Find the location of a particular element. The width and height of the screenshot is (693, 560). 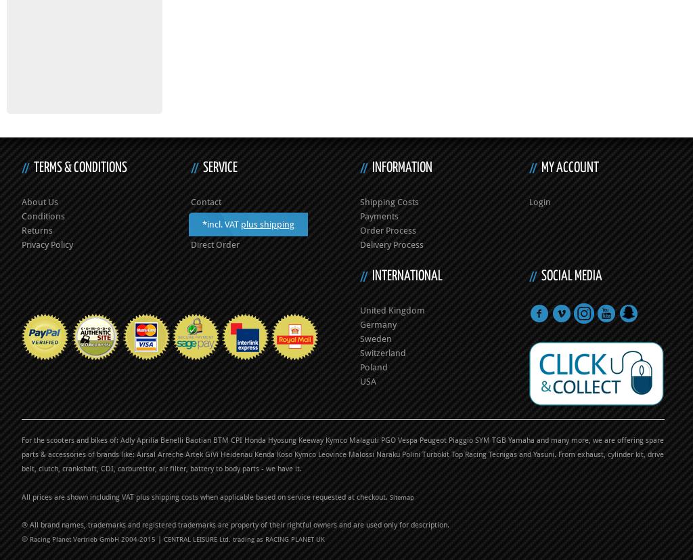

'Artek' is located at coordinates (194, 453).